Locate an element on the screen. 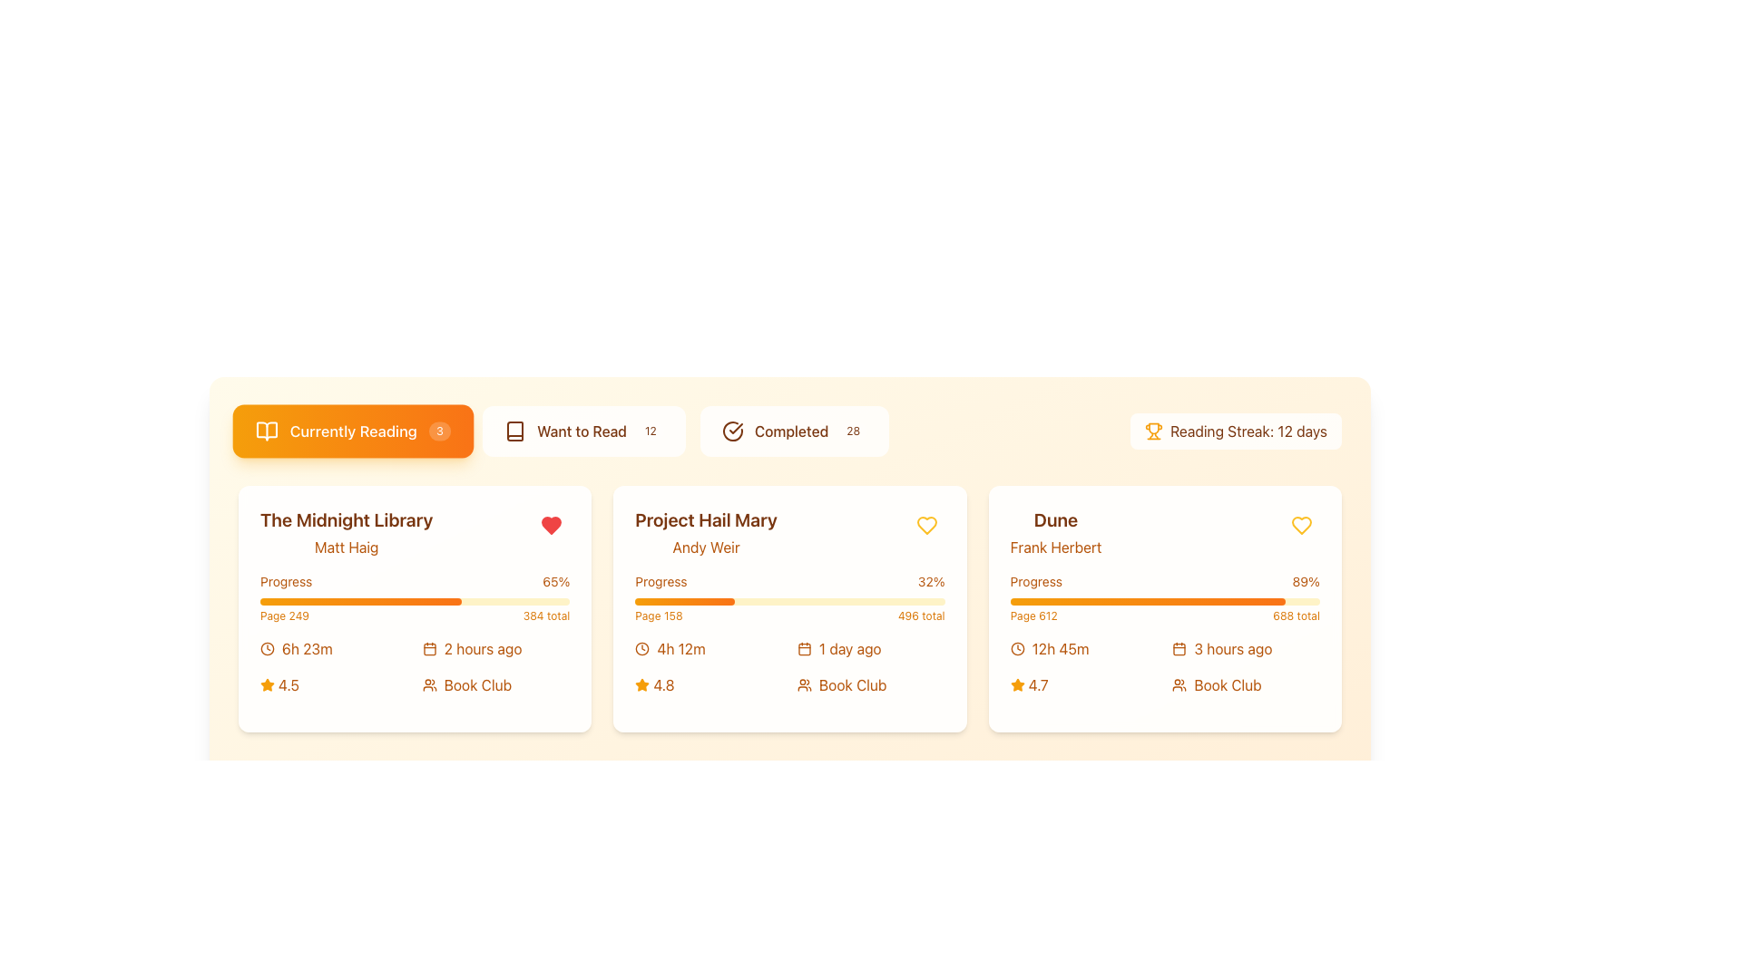 The height and width of the screenshot is (979, 1742). the decorative vector graphic component, which is a curved line part of a 'check-circle' icon located in a toolbar section is located at coordinates (732, 431).